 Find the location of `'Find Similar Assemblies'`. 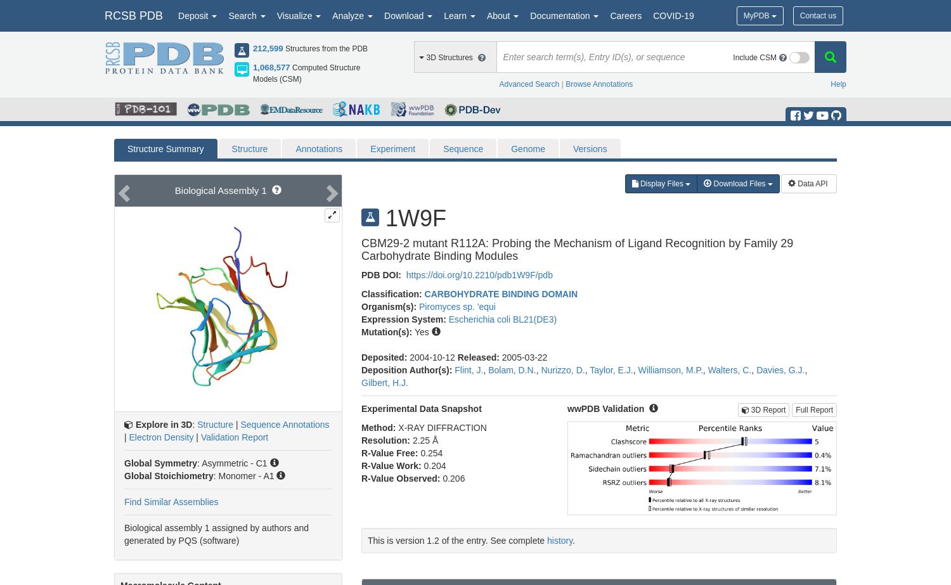

'Find Similar Assemblies' is located at coordinates (171, 501).